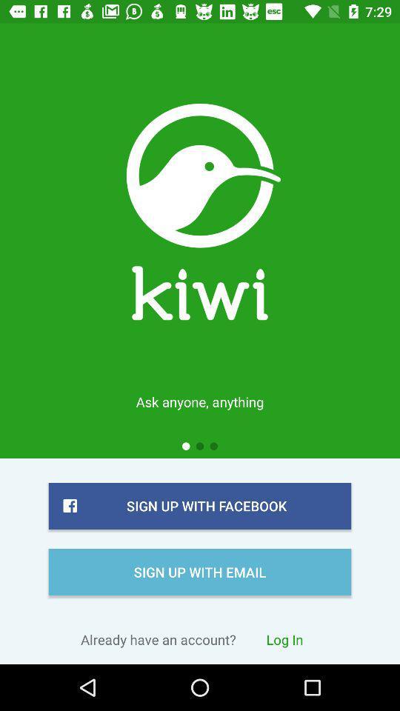 The height and width of the screenshot is (711, 400). What do you see at coordinates (284, 638) in the screenshot?
I see `the log in at the bottom right corner` at bounding box center [284, 638].